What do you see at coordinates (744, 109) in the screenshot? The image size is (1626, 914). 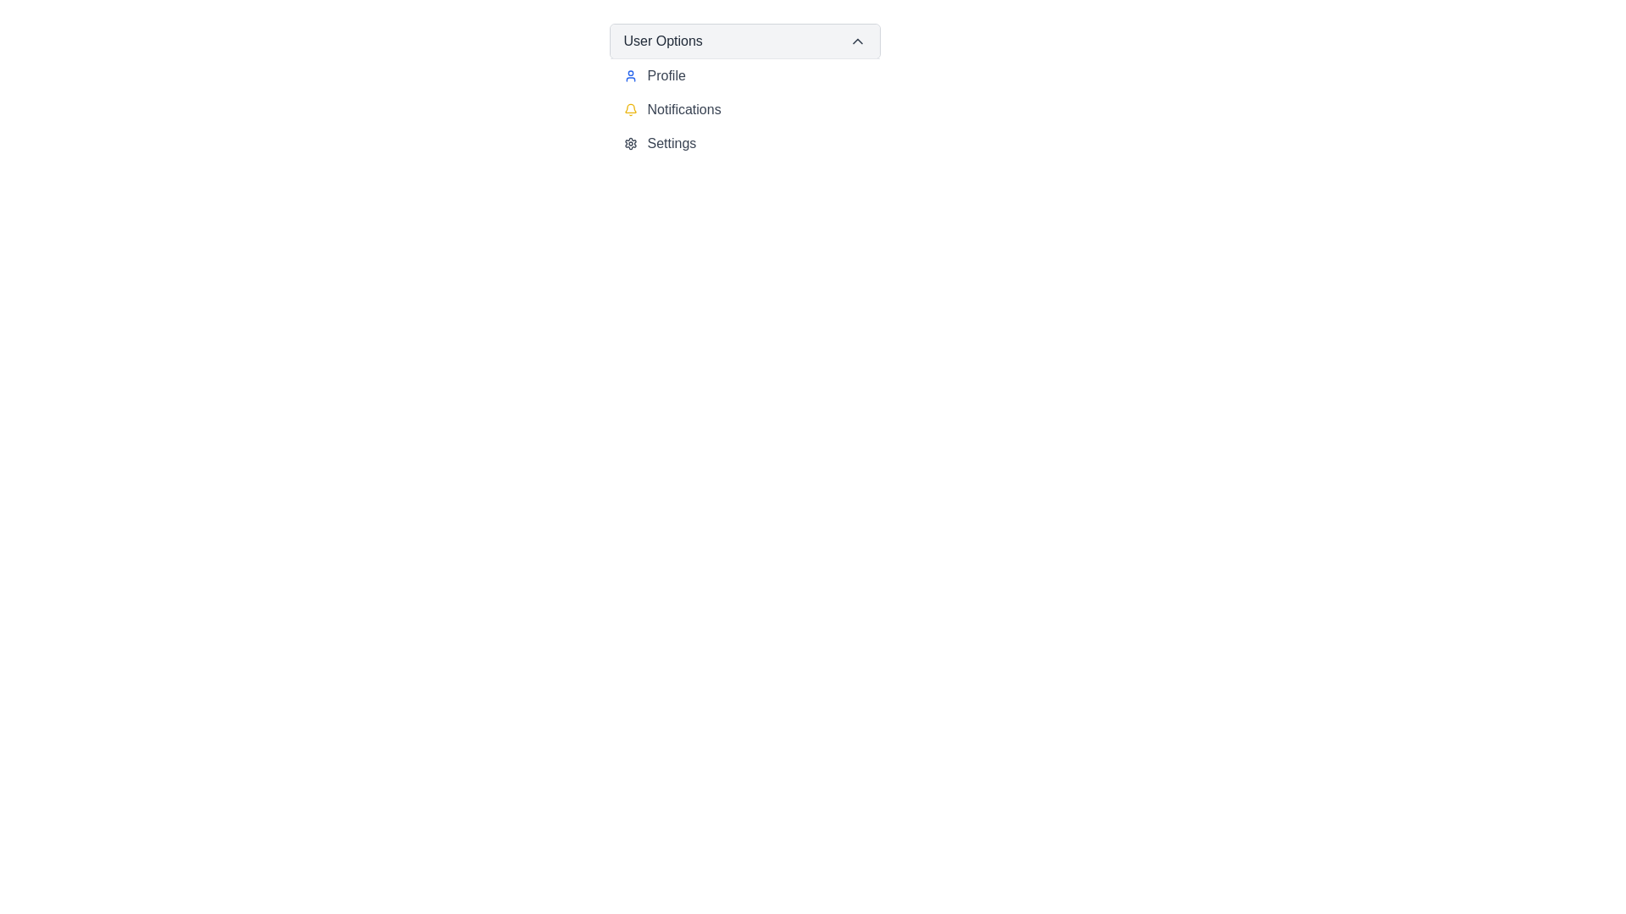 I see `the 'Notifications' menu item located in the 'User Options' section` at bounding box center [744, 109].